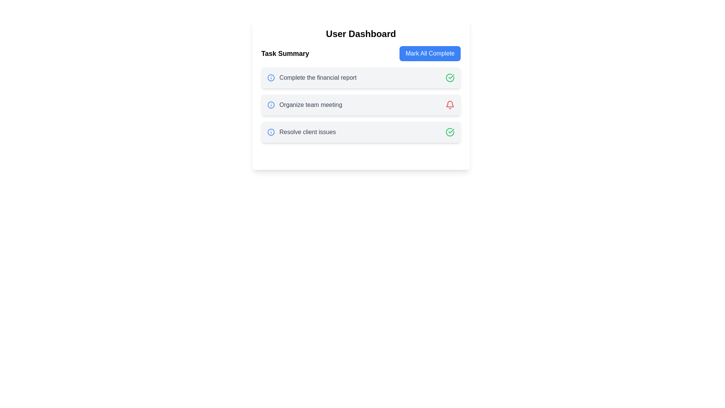 The width and height of the screenshot is (725, 408). What do you see at coordinates (450, 77) in the screenshot?
I see `the circular icon with a green border and checkmark, indicating a completed status, located at the rightmost position of the task labeled 'Complete the financial report.'` at bounding box center [450, 77].